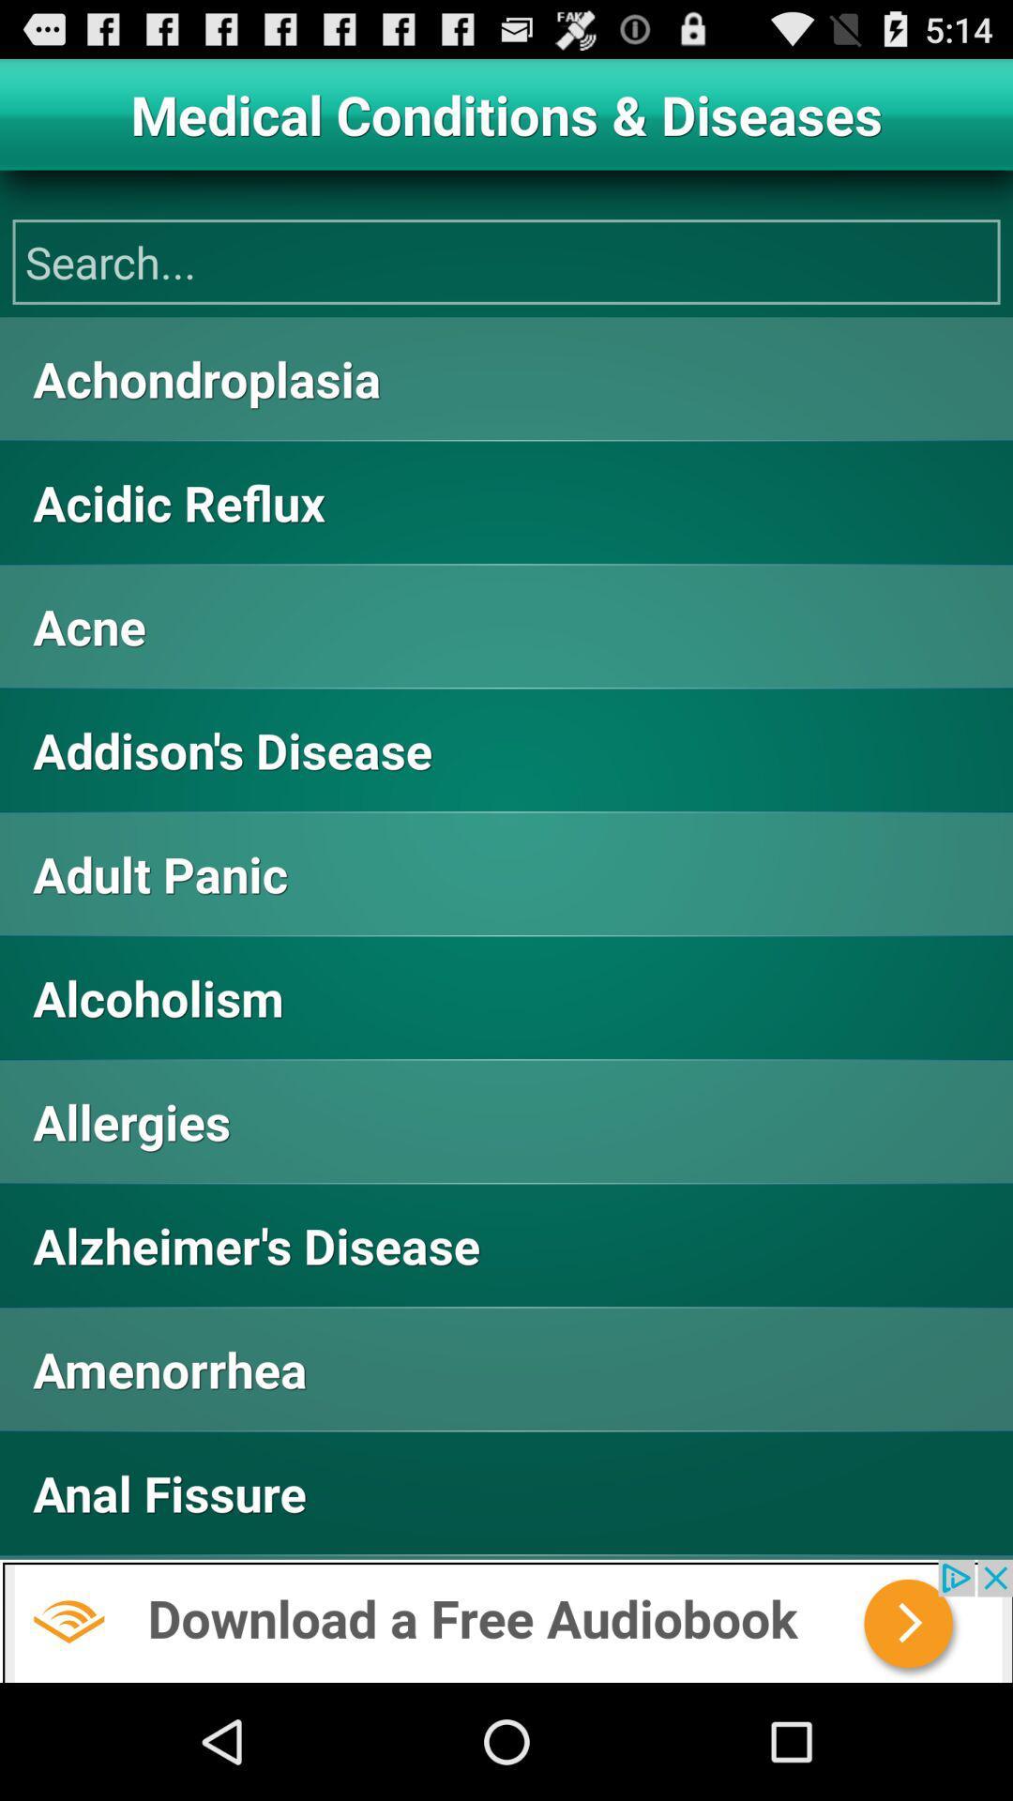 The image size is (1013, 1801). I want to click on the search button, so click(506, 261).